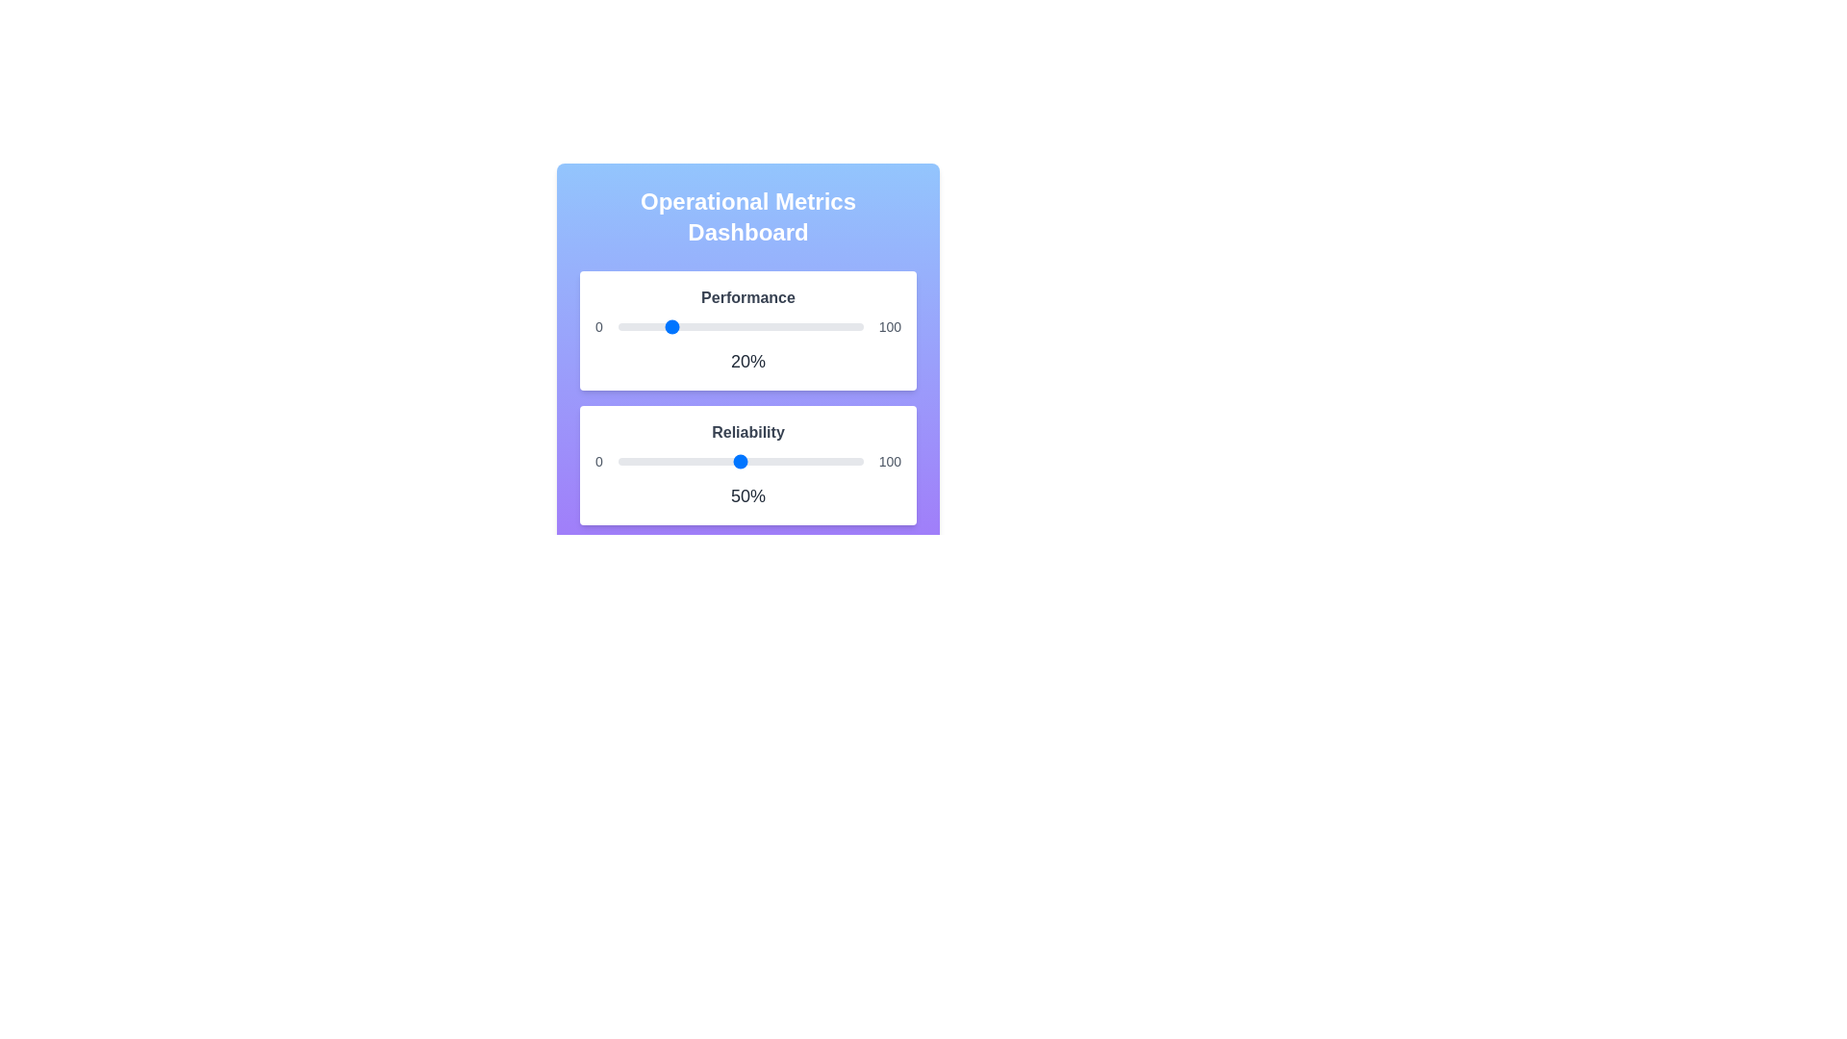 The width and height of the screenshot is (1847, 1039). Describe the element at coordinates (652, 461) in the screenshot. I see `the reliability slider` at that location.